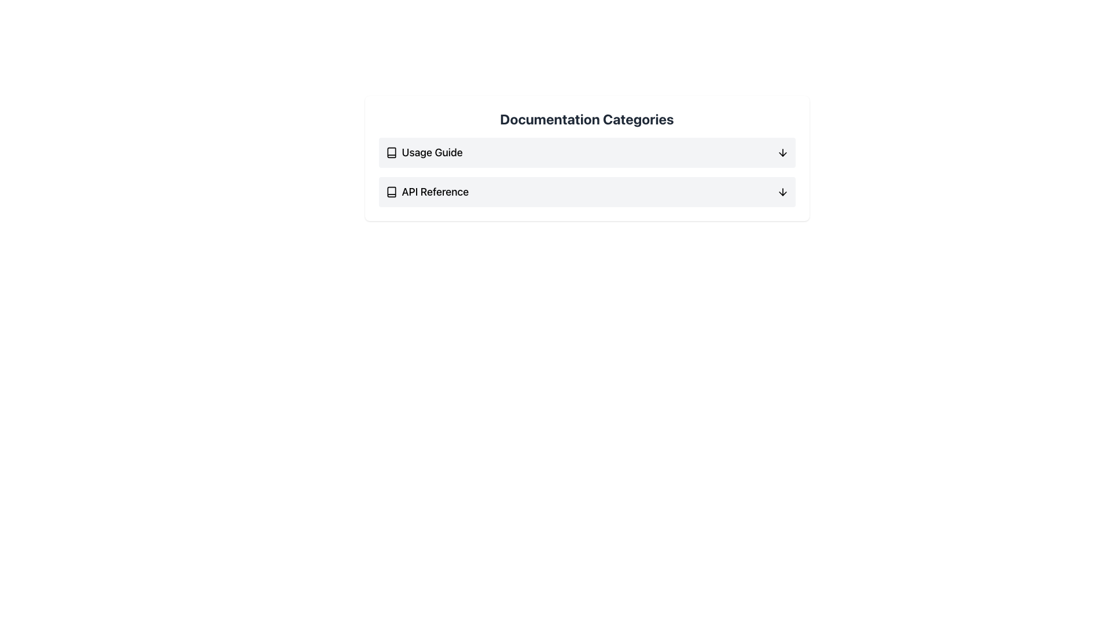  I want to click on the text label 'Documentation Categories', which is styled with a bold font and dark gray color, indicating it is a section title above the content list, so click(587, 119).